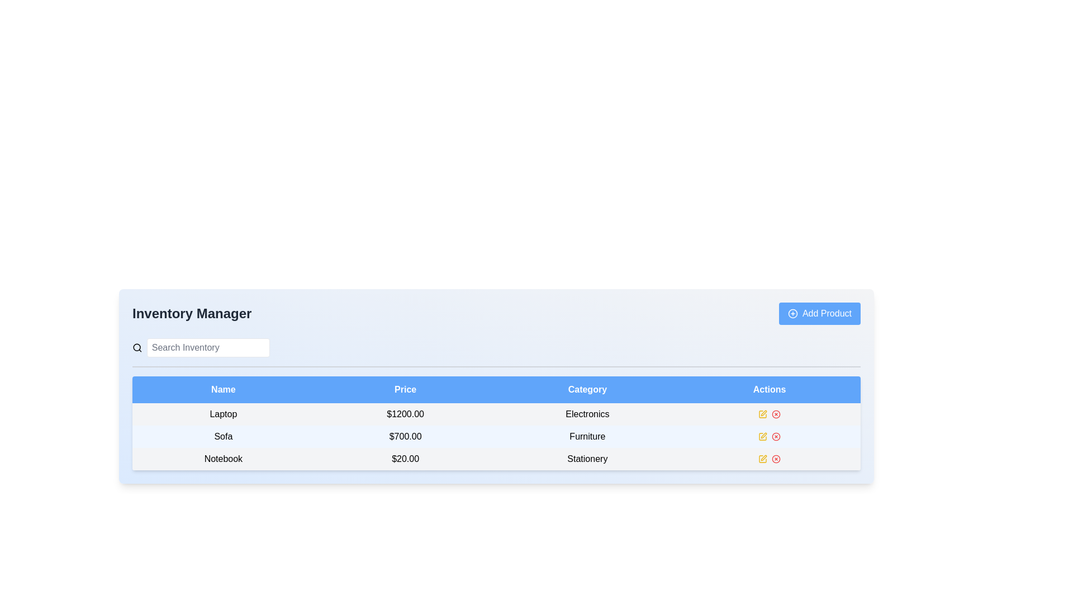 The height and width of the screenshot is (604, 1073). Describe the element at coordinates (587, 414) in the screenshot. I see `text of the 'Electronics' label located in the third column of the inventory table, which has a light gray background and is centrally placed in its bounding box` at that location.